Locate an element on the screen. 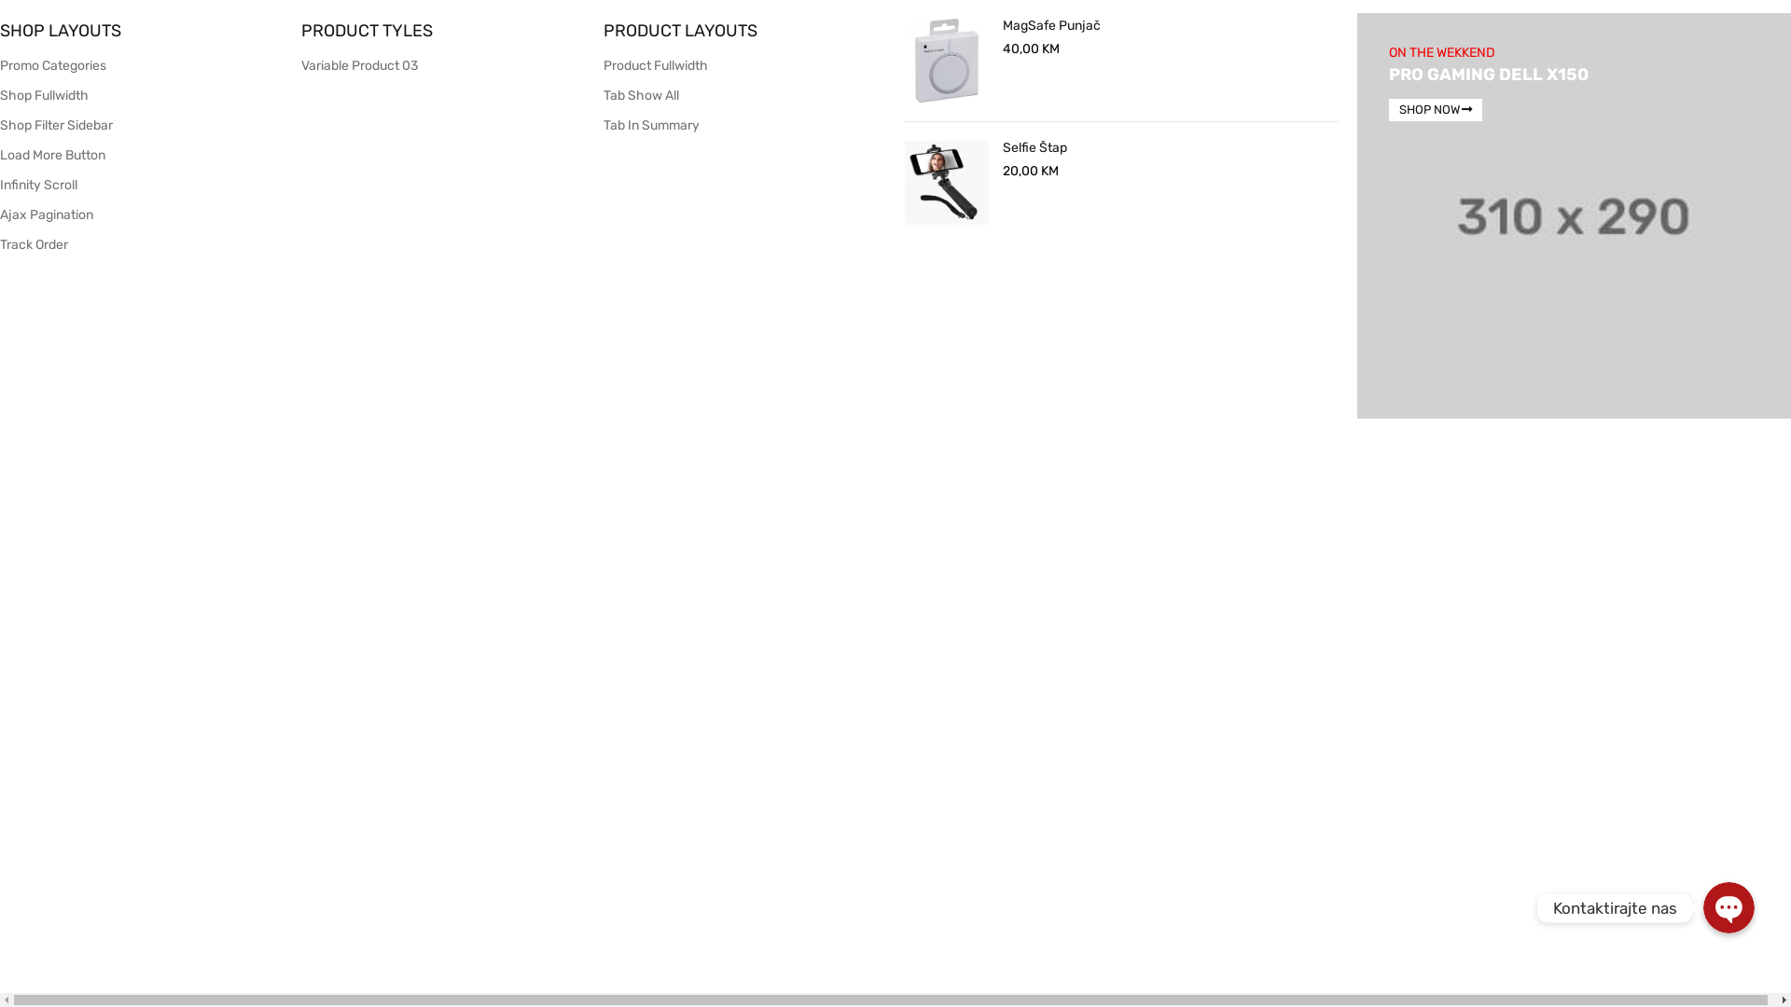 This screenshot has width=1791, height=1007. 'Tab Show All' is located at coordinates (641, 95).